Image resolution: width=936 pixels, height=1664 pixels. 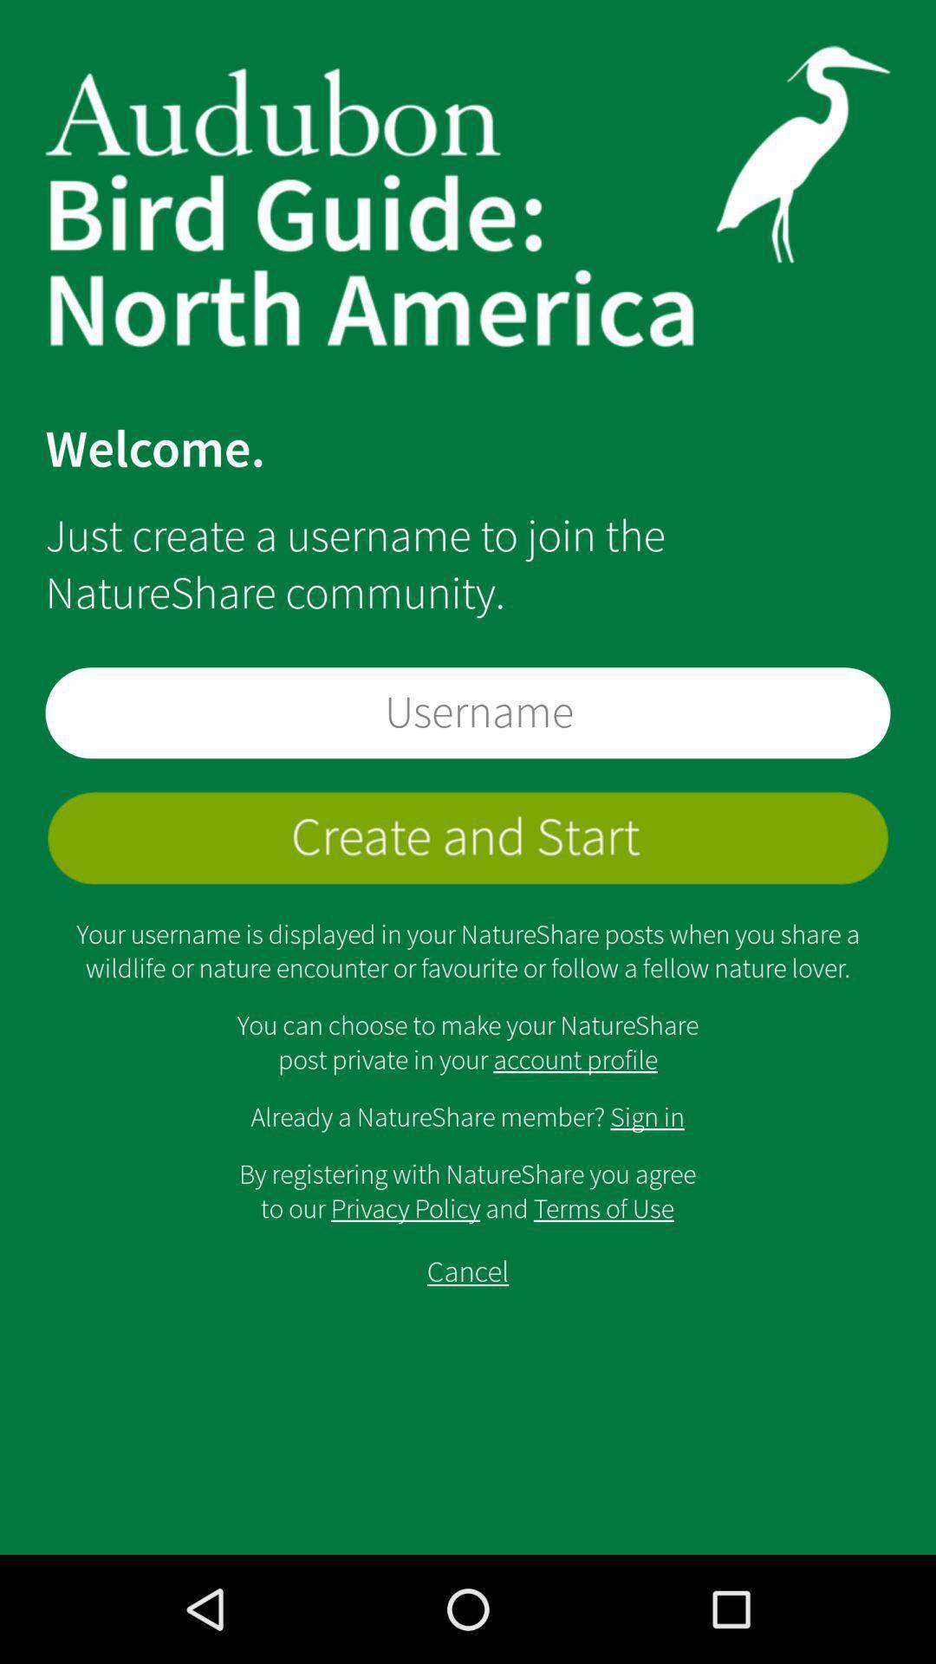 What do you see at coordinates (468, 838) in the screenshot?
I see `get start` at bounding box center [468, 838].